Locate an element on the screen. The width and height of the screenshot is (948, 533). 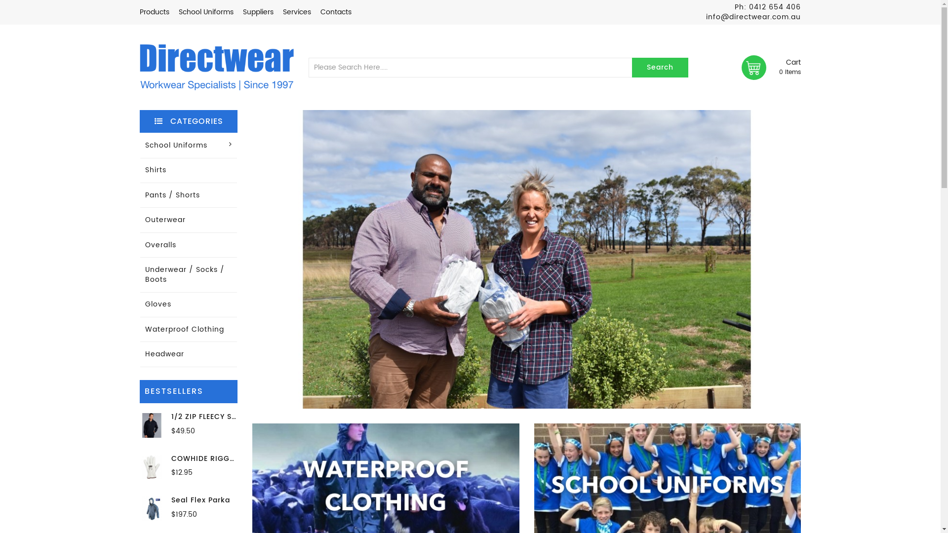
'Gloves' is located at coordinates (189, 304).